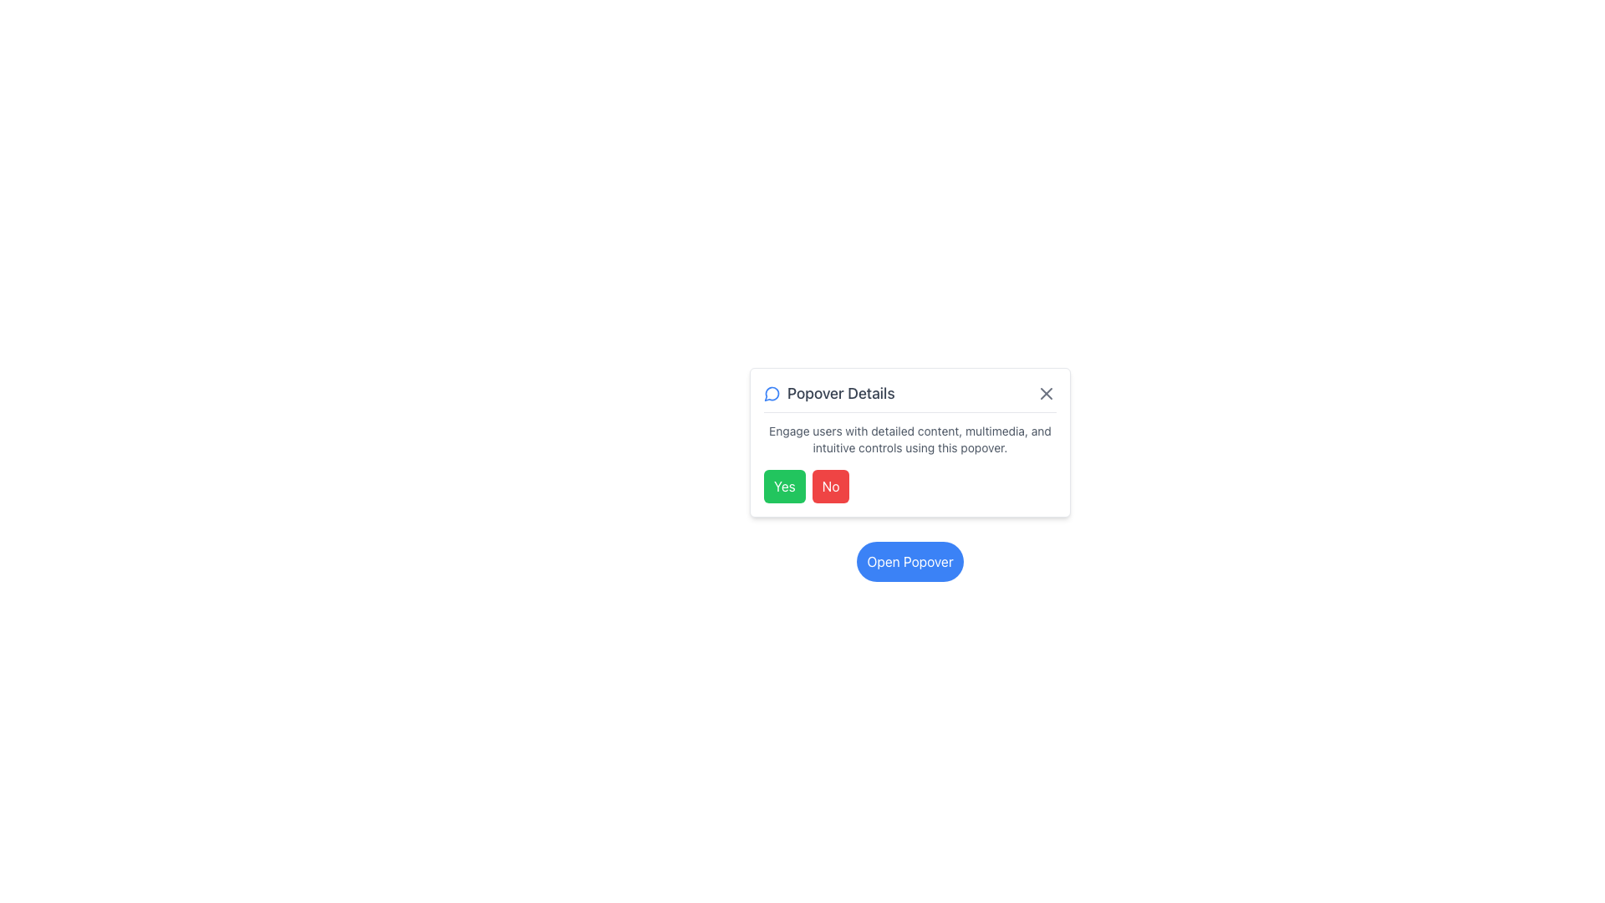  I want to click on the close button located at the top-right corner of the 'Popover Details' dialog, so click(1046, 393).